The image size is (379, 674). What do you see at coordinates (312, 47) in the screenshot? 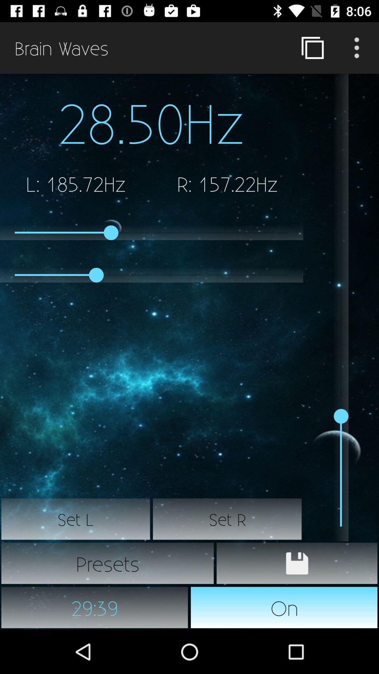
I see `item next to brain waves icon` at bounding box center [312, 47].